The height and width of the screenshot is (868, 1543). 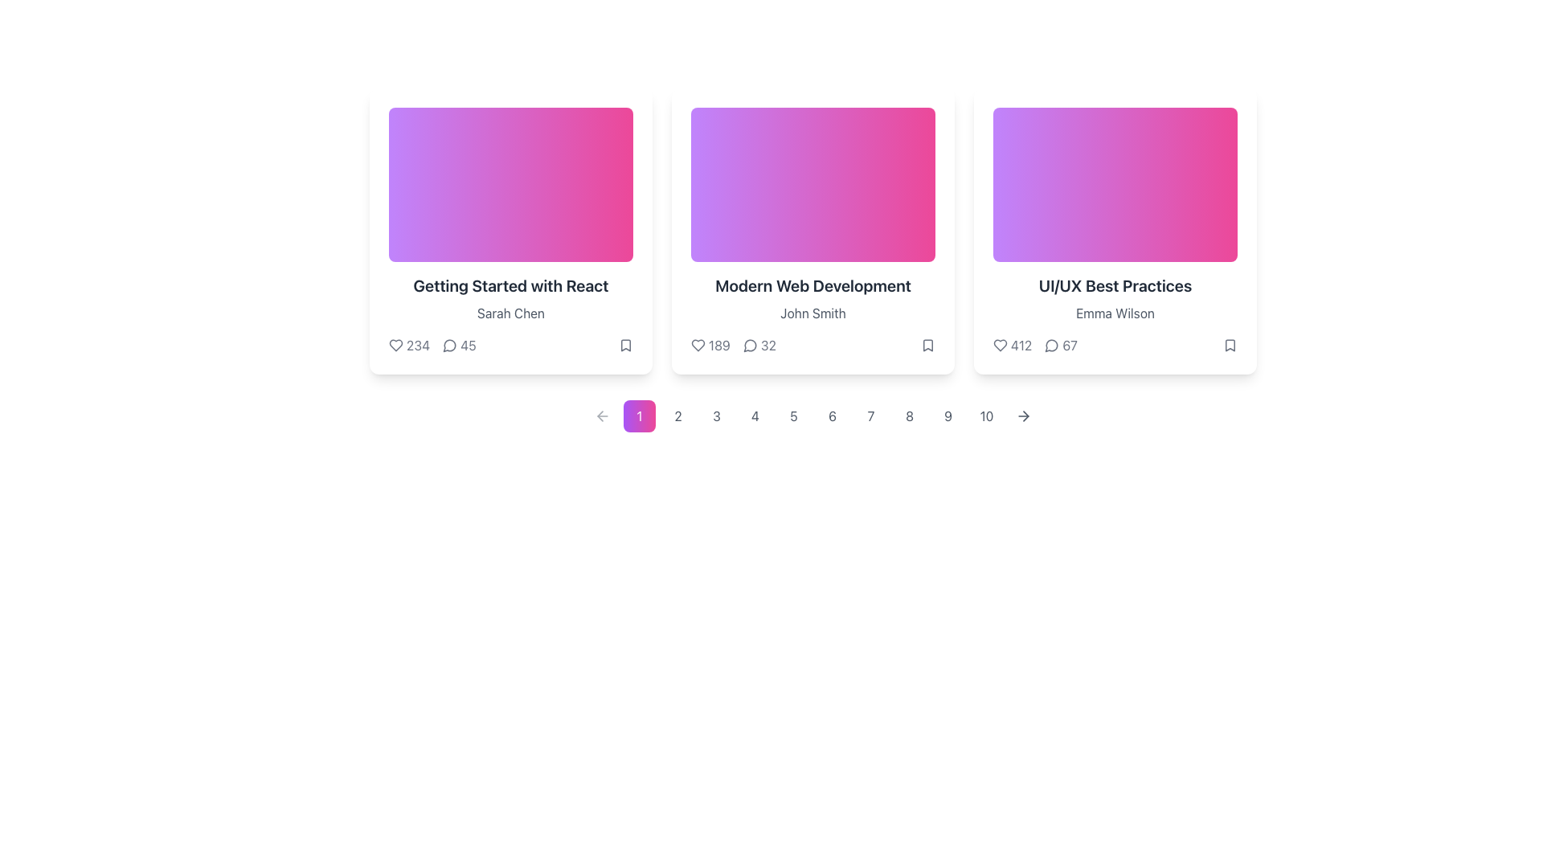 What do you see at coordinates (678, 415) in the screenshot?
I see `the second pagination button located at the bottom-center of the page` at bounding box center [678, 415].